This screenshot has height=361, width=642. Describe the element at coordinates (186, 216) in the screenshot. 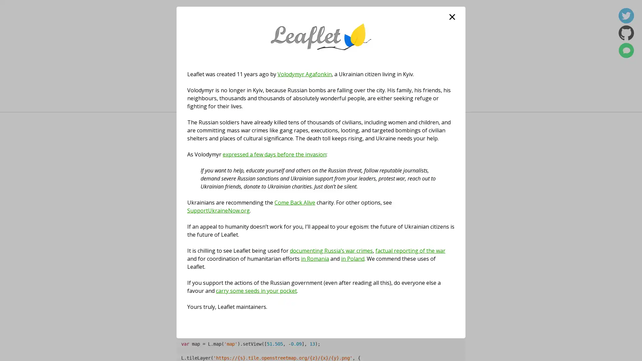

I see `Zoom in` at that location.